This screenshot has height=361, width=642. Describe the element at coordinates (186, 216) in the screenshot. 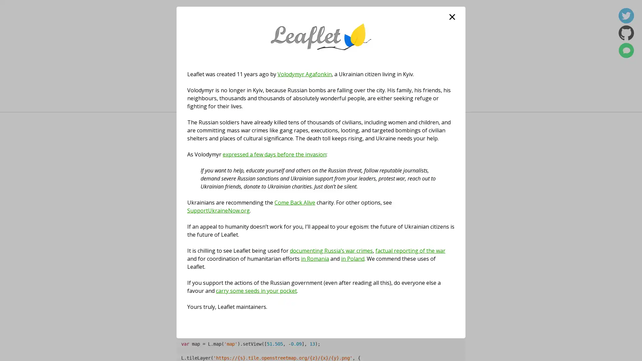

I see `Zoom in` at that location.